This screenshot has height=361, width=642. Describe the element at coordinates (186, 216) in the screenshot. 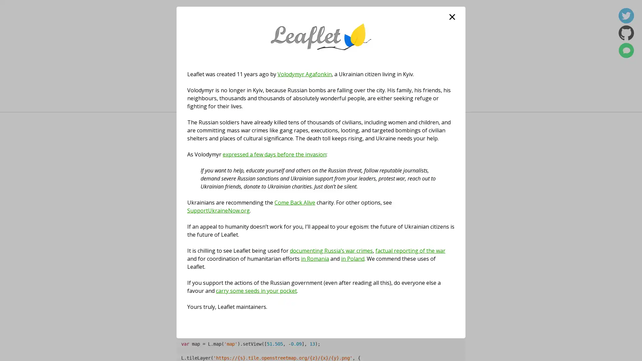

I see `Zoom in` at that location.